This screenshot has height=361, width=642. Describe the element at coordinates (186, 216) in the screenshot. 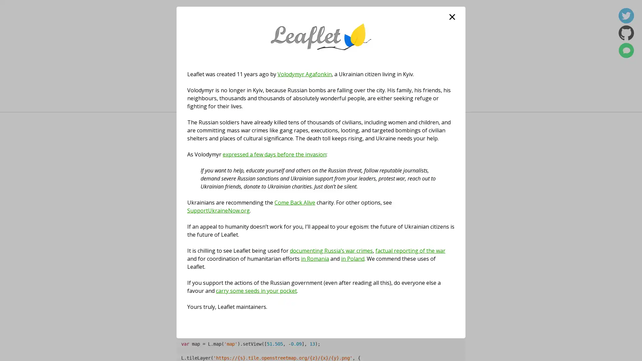

I see `Zoom in` at that location.